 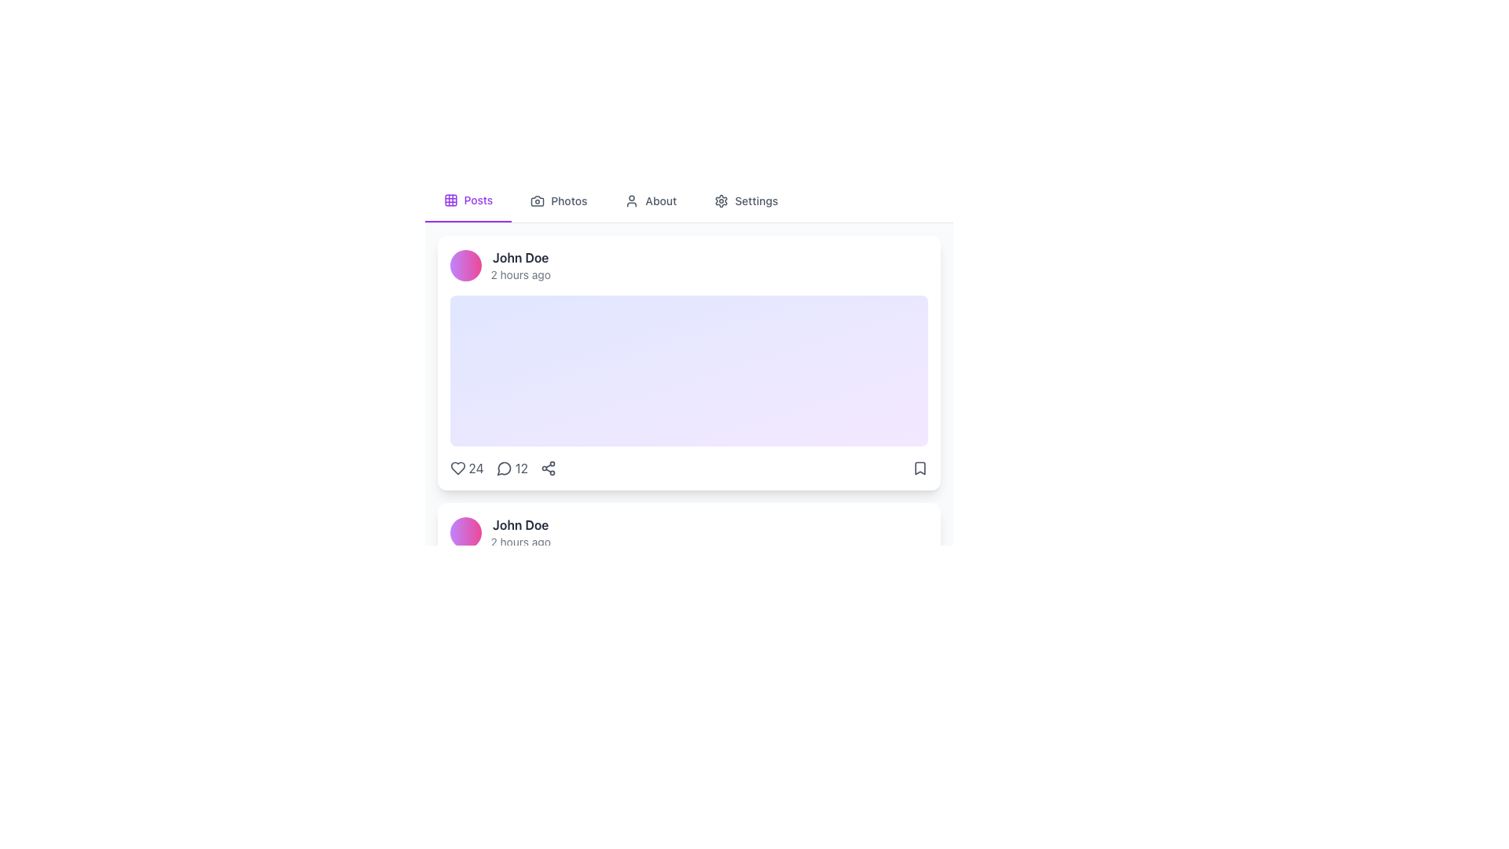 I want to click on the share icon button located at the bottom right corner of the user's post card, so click(x=549, y=468).